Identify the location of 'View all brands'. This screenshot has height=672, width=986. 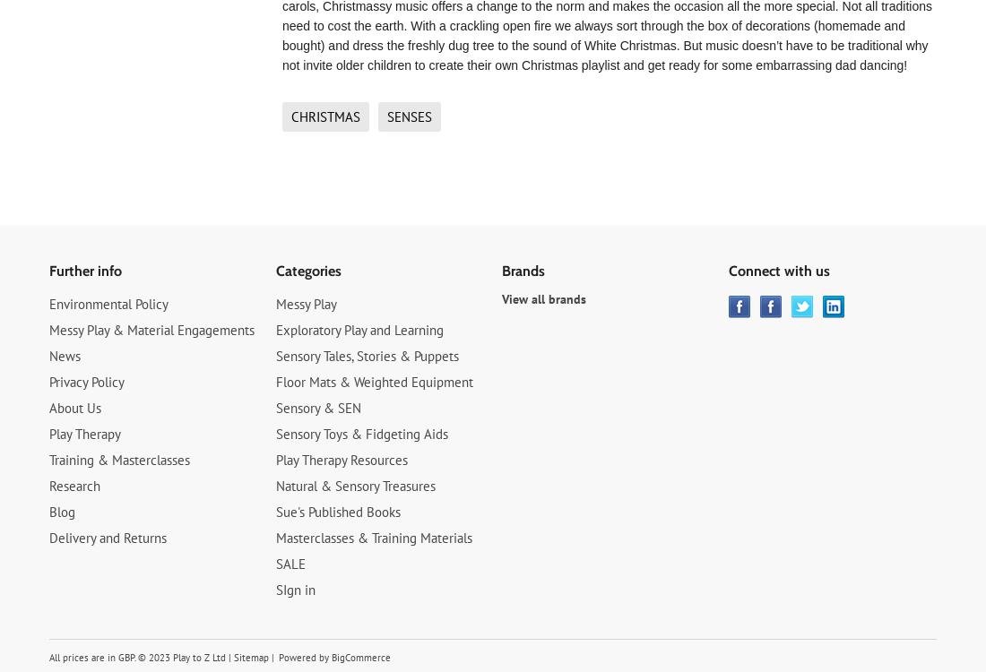
(542, 297).